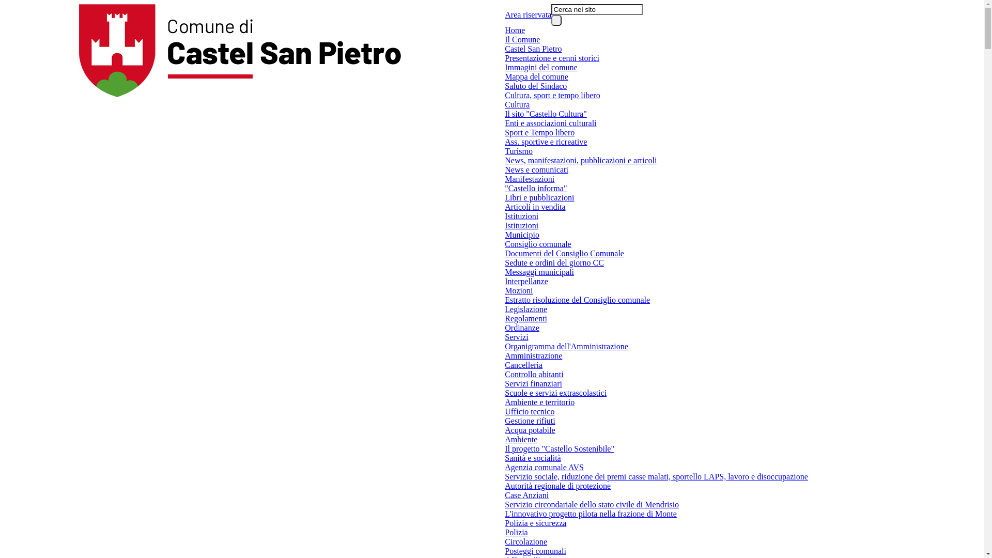 Image resolution: width=992 pixels, height=558 pixels. I want to click on 'Regolamenti', so click(525, 318).